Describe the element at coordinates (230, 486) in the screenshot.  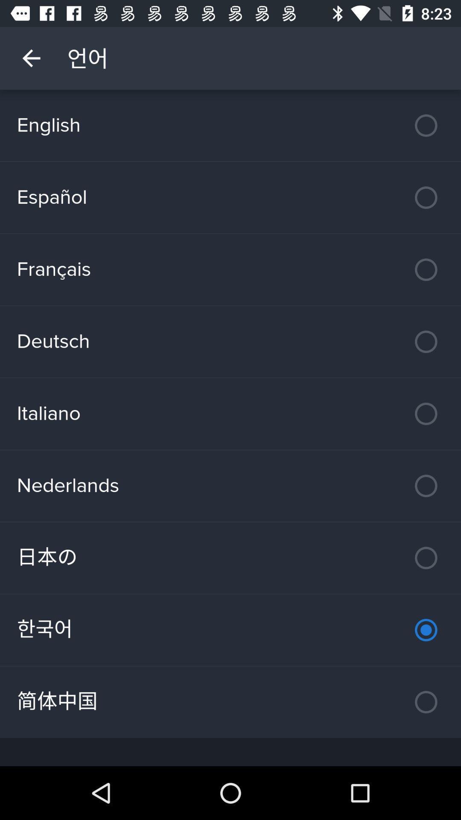
I see `item below the italiano icon` at that location.